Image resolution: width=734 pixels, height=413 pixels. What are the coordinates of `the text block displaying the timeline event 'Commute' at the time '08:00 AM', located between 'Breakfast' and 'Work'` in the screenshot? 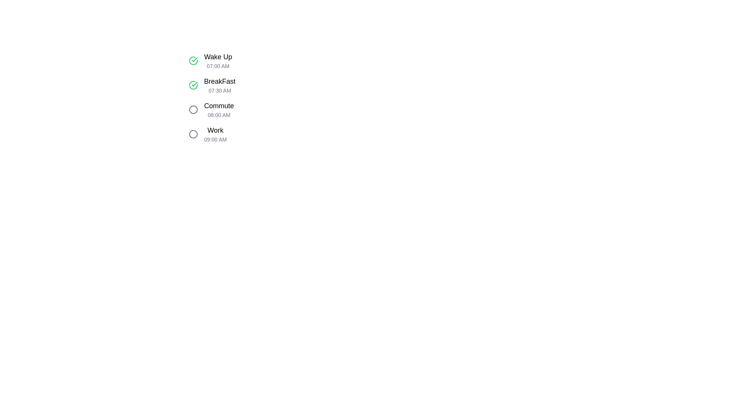 It's located at (218, 109).